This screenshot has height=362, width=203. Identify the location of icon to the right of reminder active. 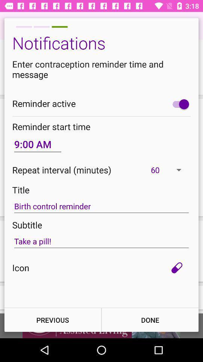
(179, 104).